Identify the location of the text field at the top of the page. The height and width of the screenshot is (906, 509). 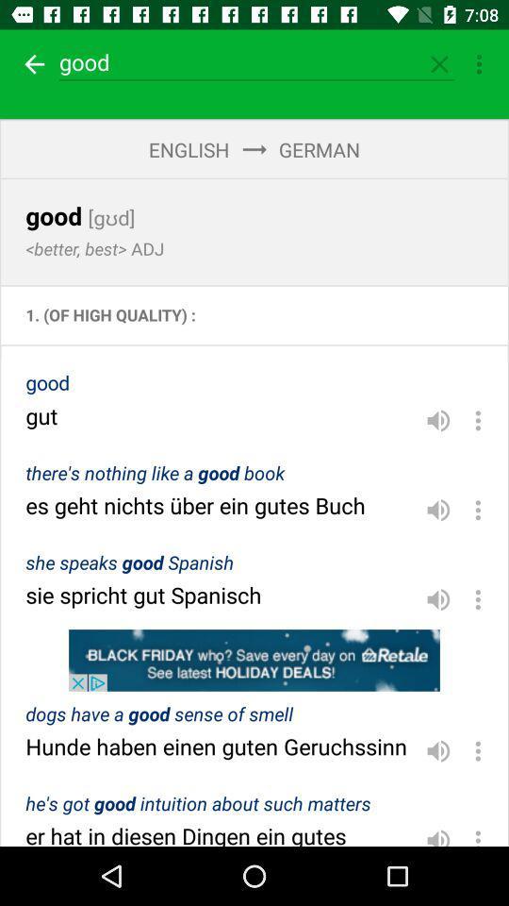
(256, 62).